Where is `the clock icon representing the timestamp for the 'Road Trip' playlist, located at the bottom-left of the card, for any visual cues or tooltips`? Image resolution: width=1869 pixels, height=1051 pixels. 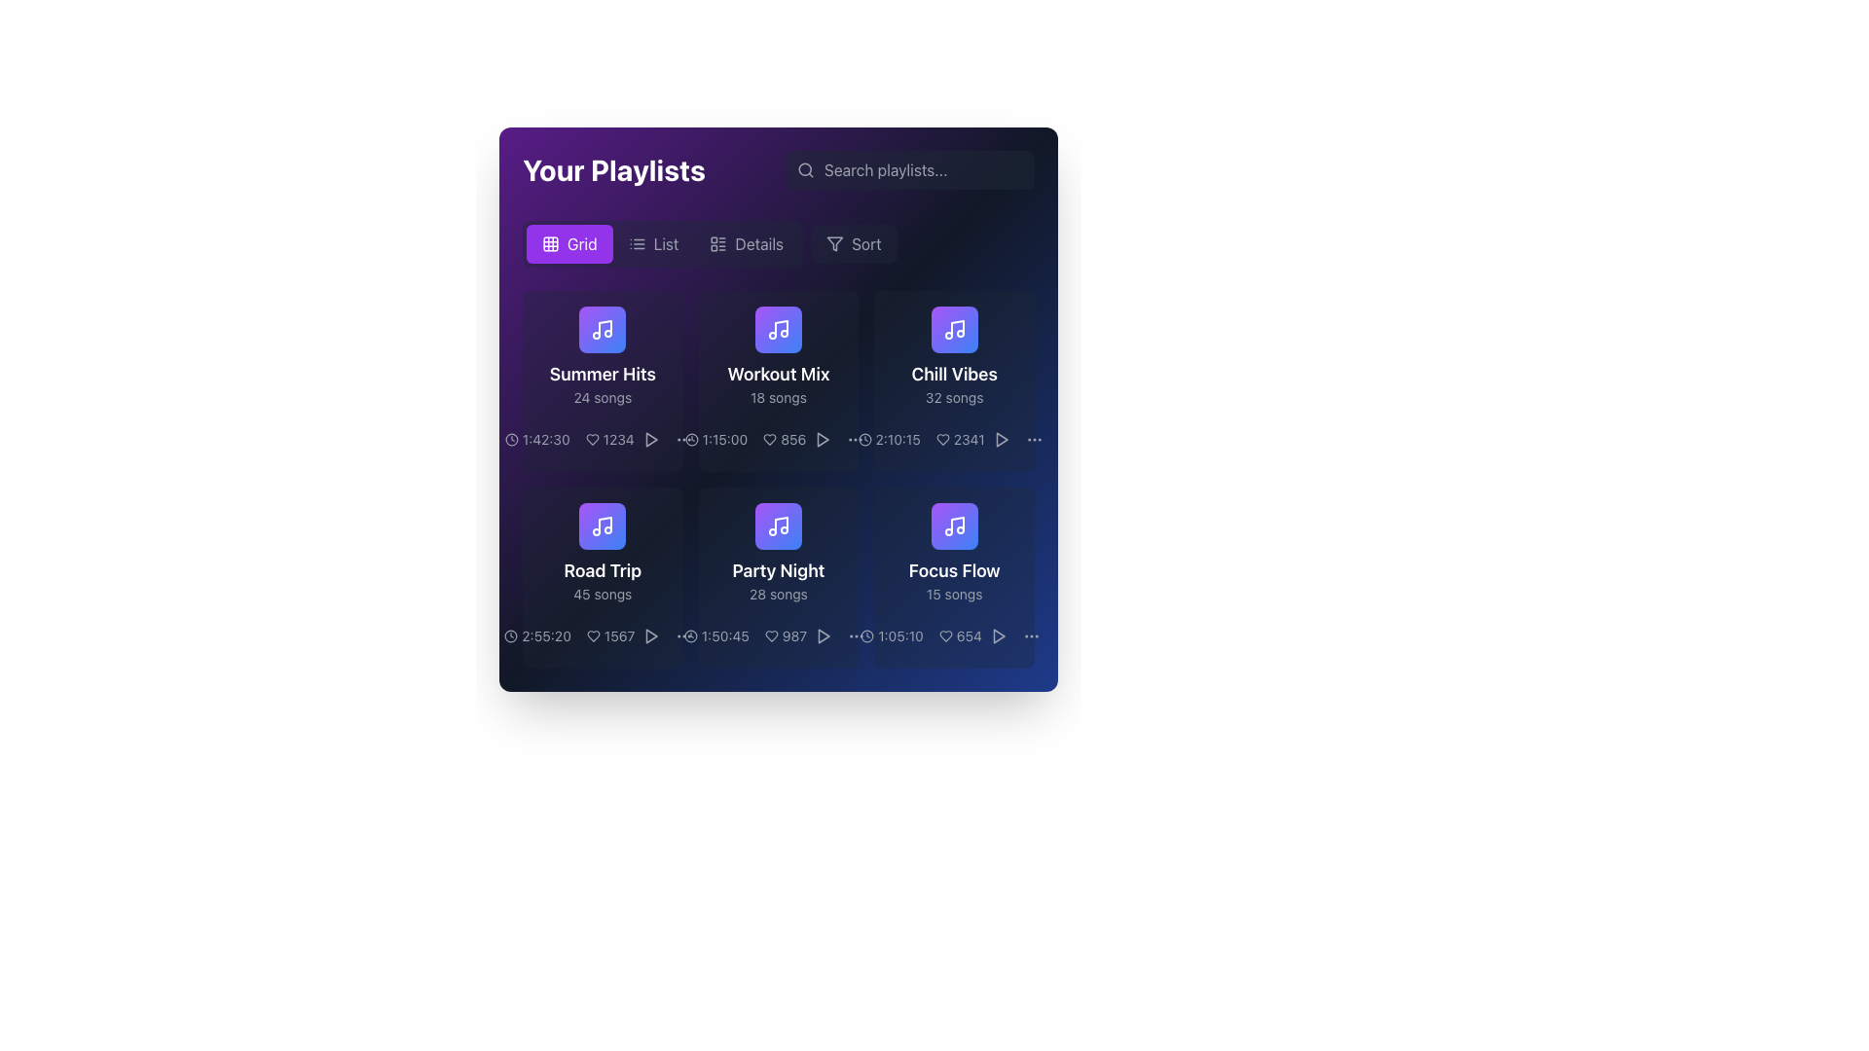 the clock icon representing the timestamp for the 'Road Trip' playlist, located at the bottom-left of the card, for any visual cues or tooltips is located at coordinates (511, 636).